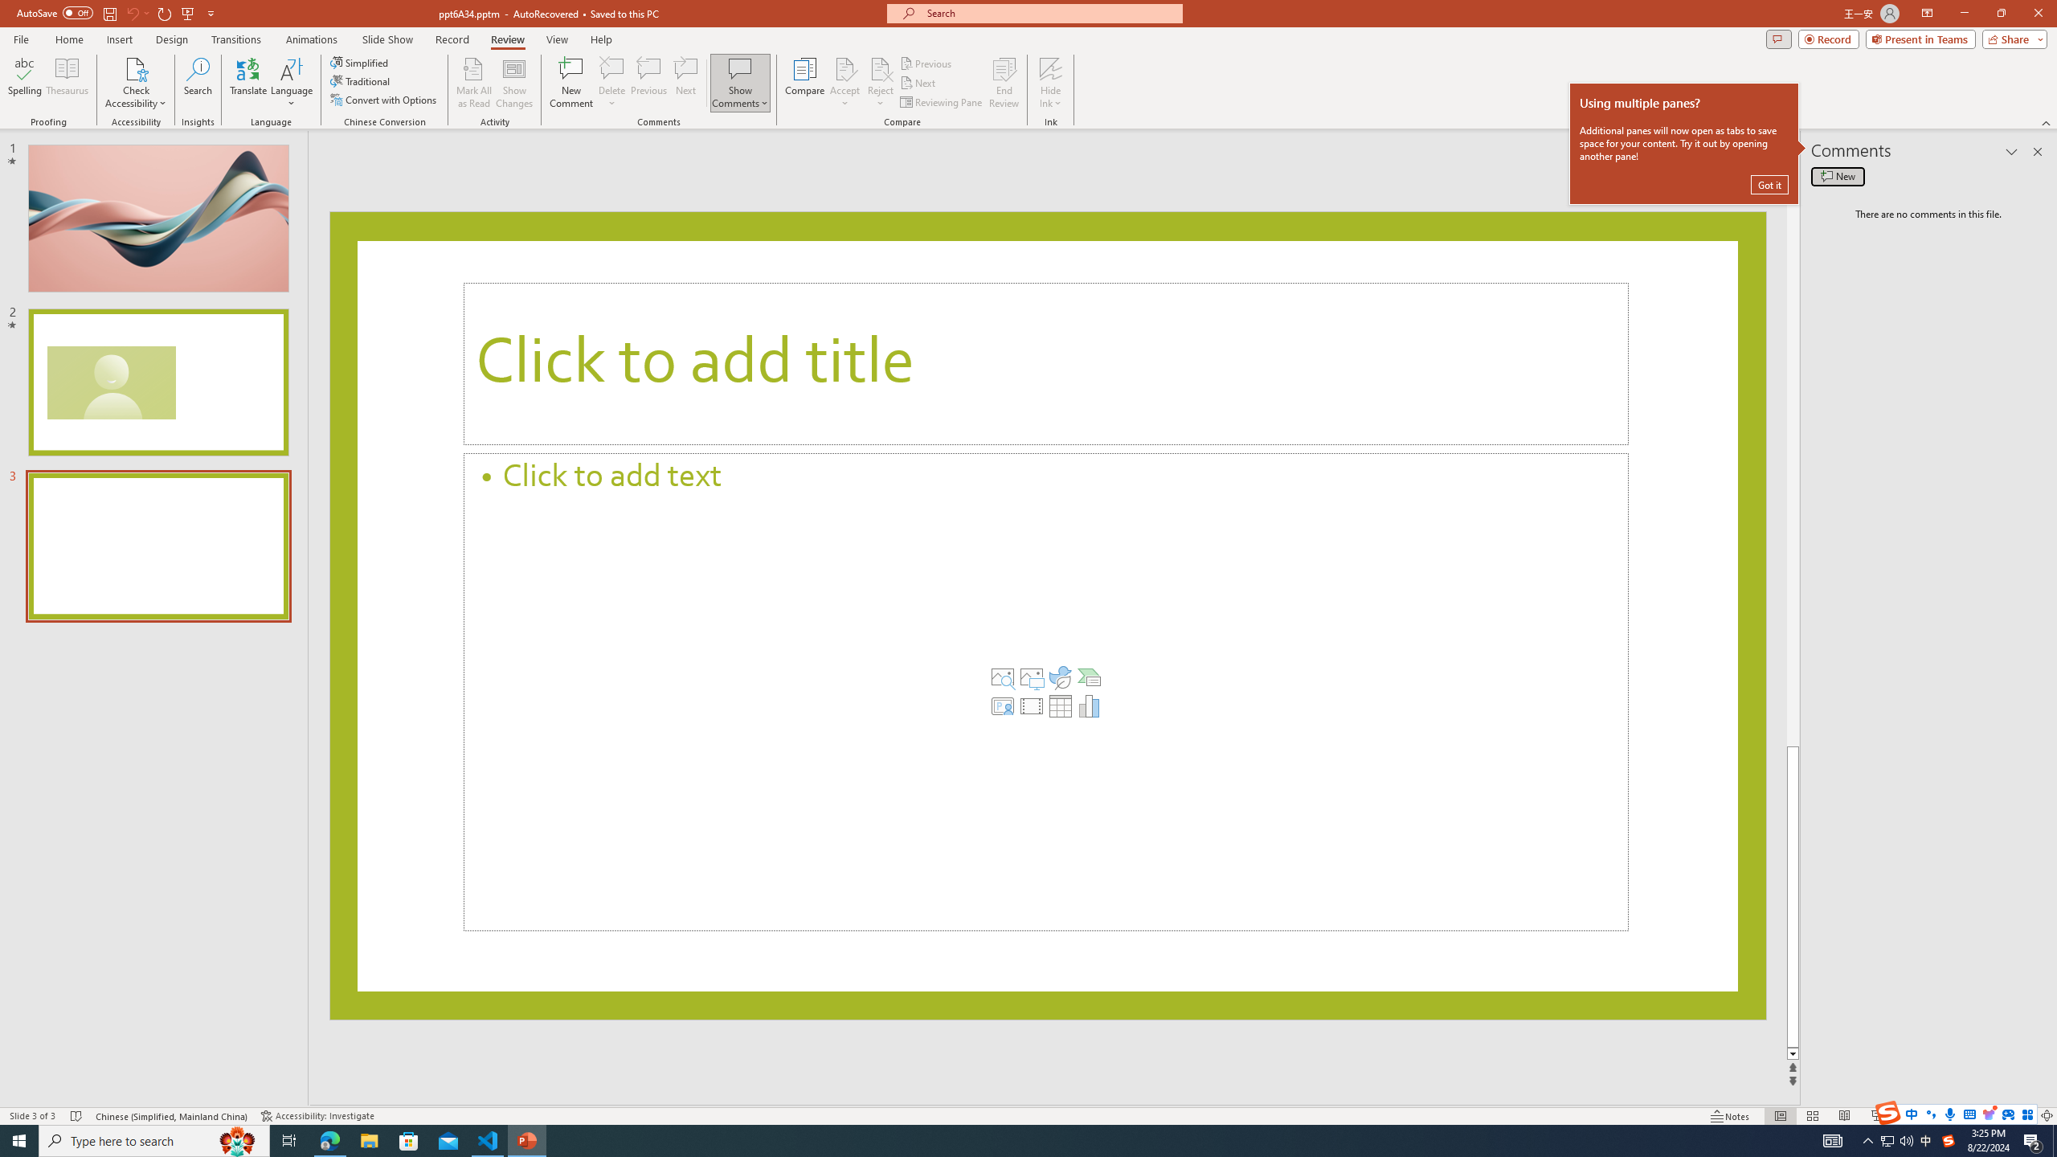 This screenshot has height=1157, width=2057. I want to click on 'Translate', so click(248, 83).